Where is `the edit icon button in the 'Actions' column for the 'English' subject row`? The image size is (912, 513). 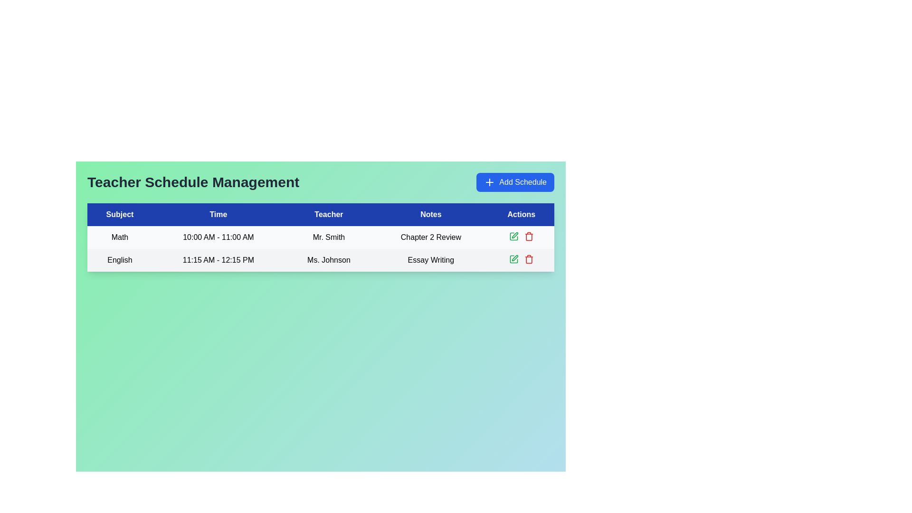 the edit icon button in the 'Actions' column for the 'English' subject row is located at coordinates (513, 259).